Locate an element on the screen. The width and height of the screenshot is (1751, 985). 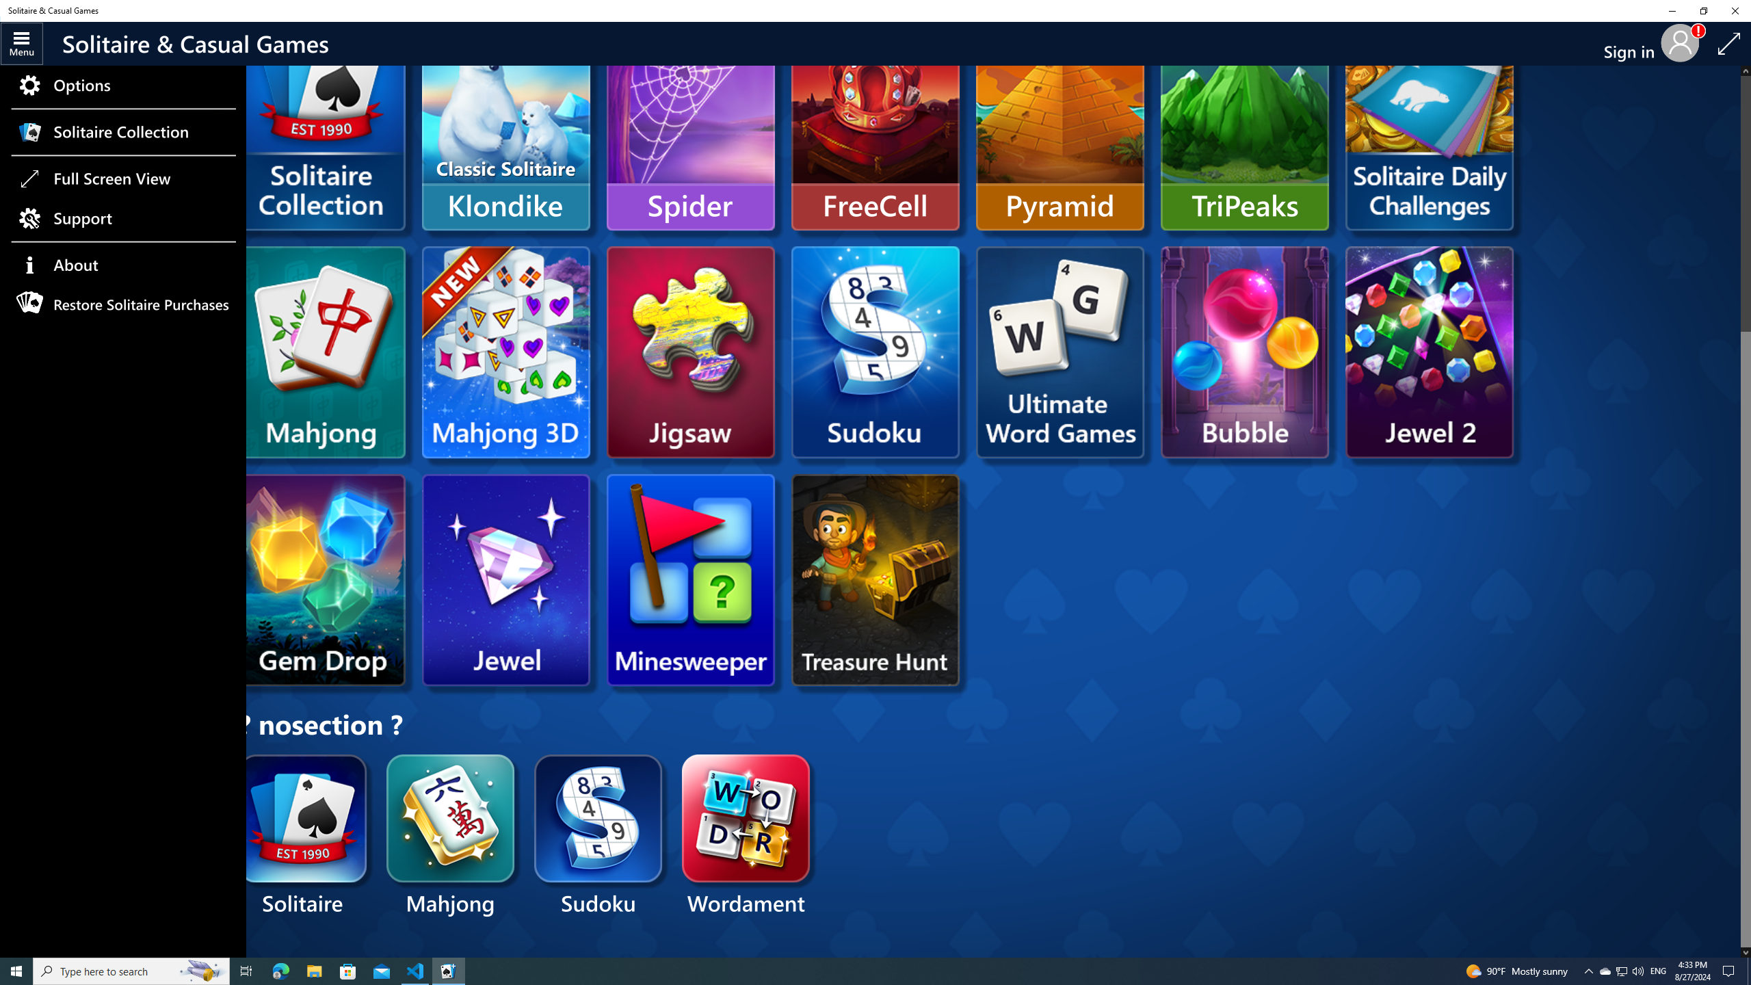
'Sign in' is located at coordinates (1633, 44).